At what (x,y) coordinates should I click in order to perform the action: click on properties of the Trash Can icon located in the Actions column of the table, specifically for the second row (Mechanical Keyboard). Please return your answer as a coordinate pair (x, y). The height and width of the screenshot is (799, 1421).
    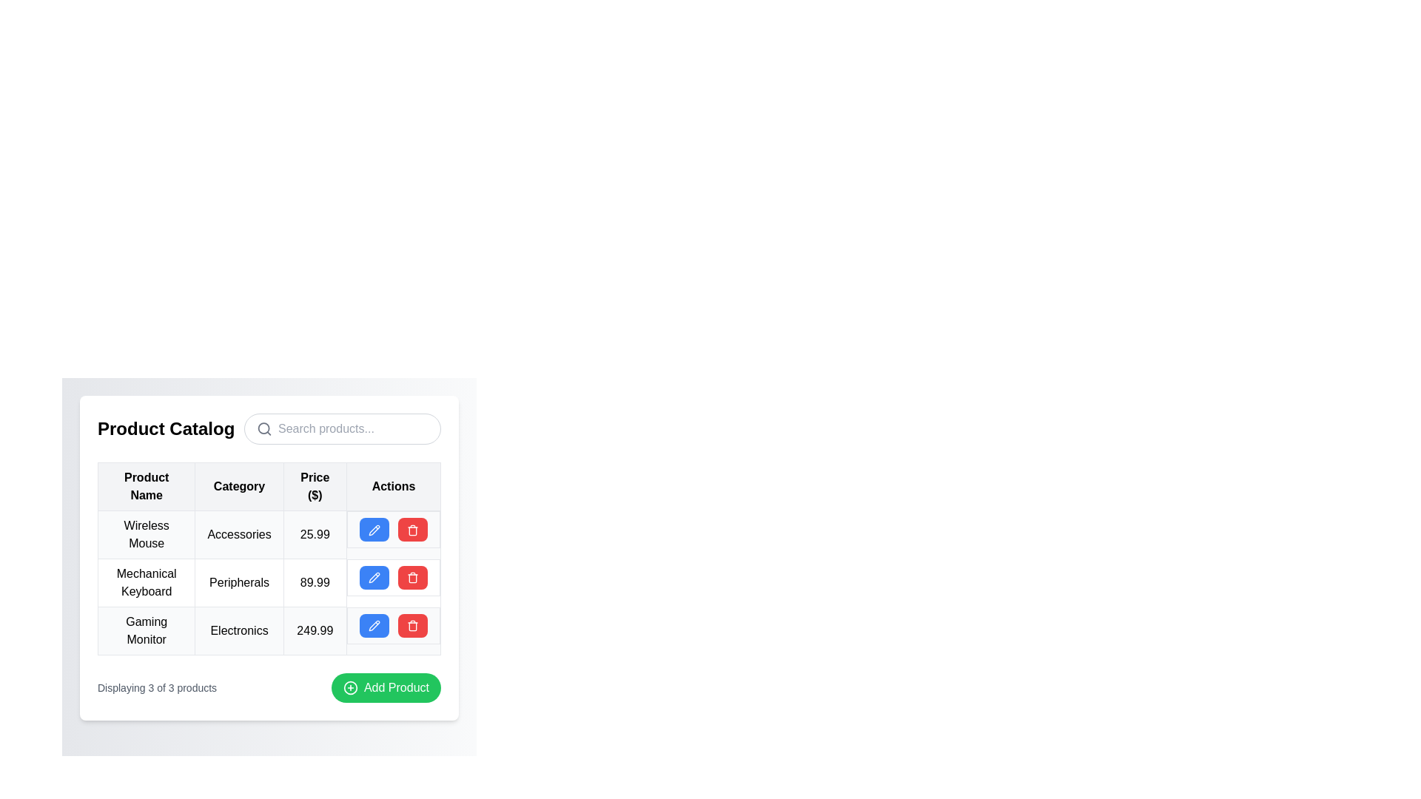
    Looking at the image, I should click on (412, 529).